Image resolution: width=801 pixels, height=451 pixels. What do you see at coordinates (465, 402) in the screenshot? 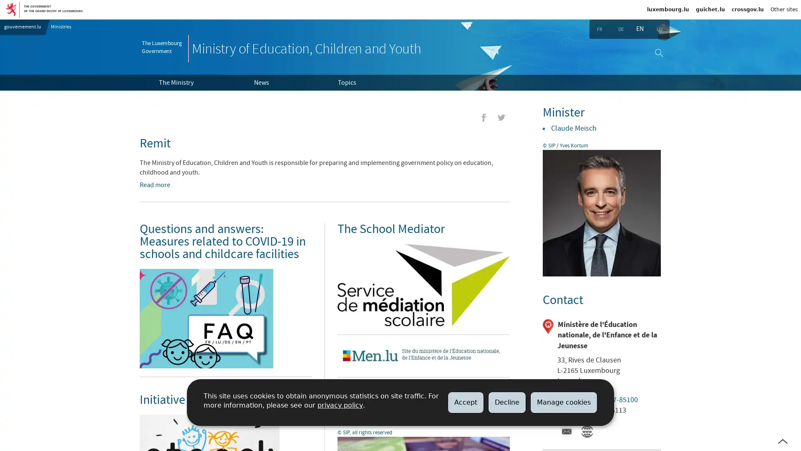
I see `Accept` at bounding box center [465, 402].